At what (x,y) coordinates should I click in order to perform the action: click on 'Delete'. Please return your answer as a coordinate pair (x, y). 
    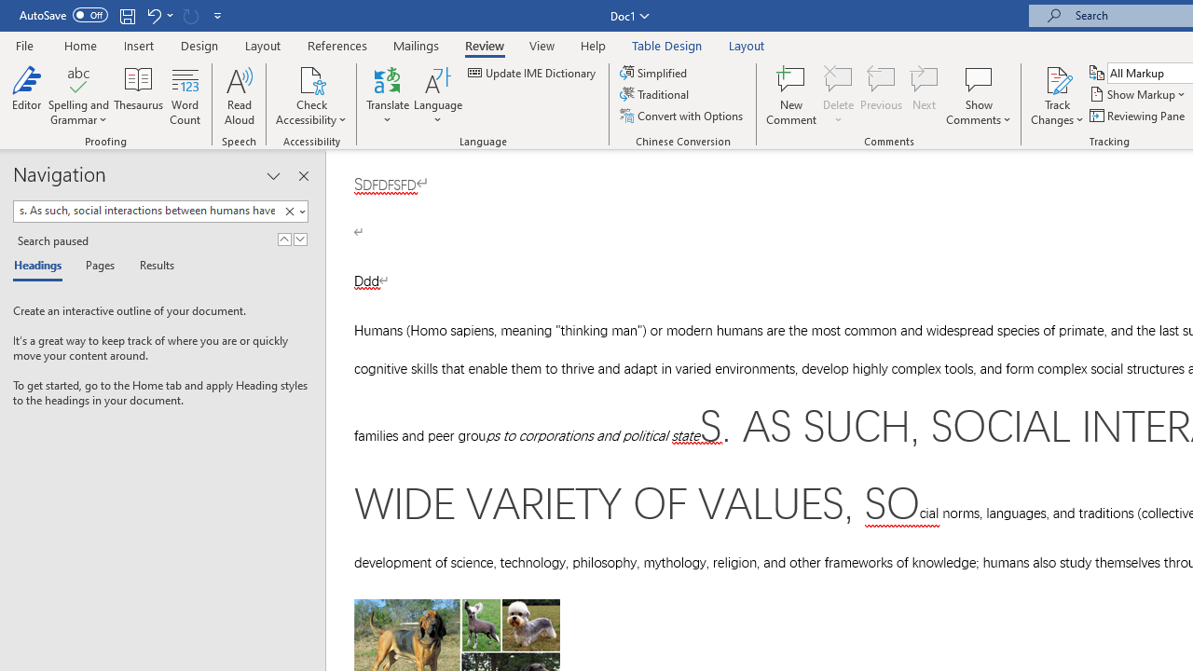
    Looking at the image, I should click on (838, 96).